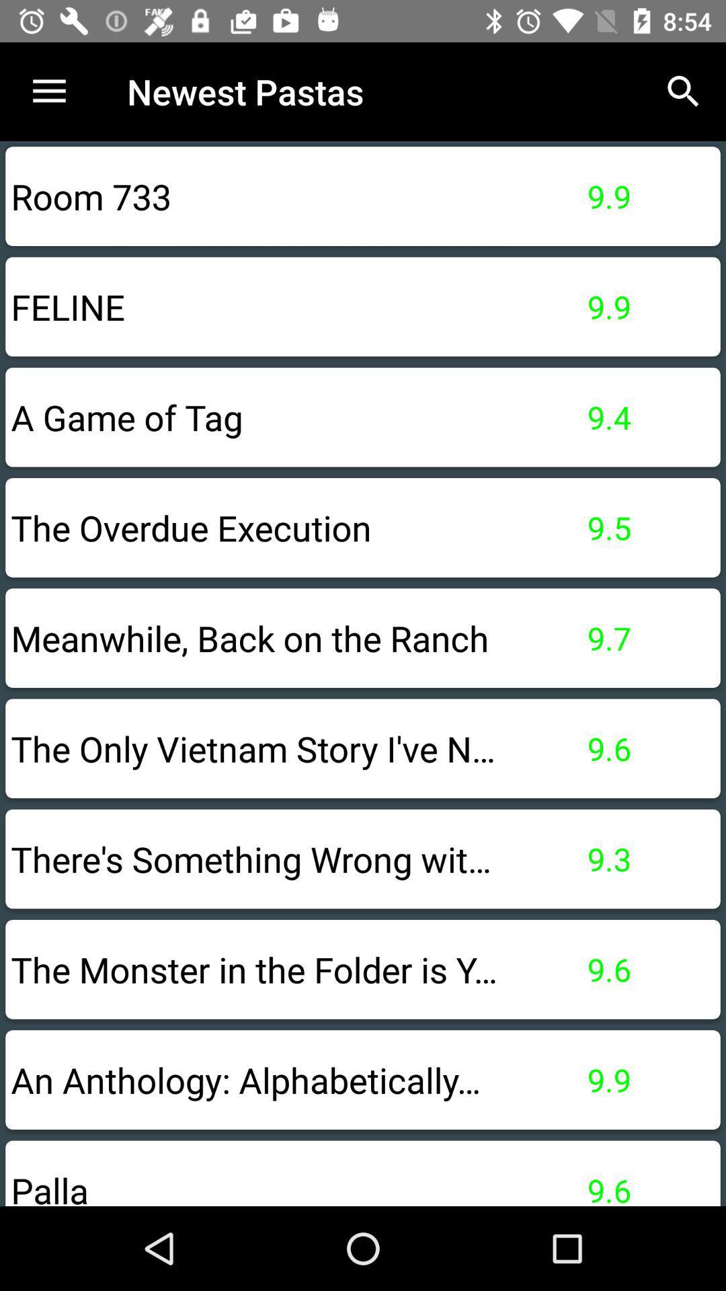 This screenshot has width=726, height=1291. Describe the element at coordinates (48, 91) in the screenshot. I see `item above room 733` at that location.